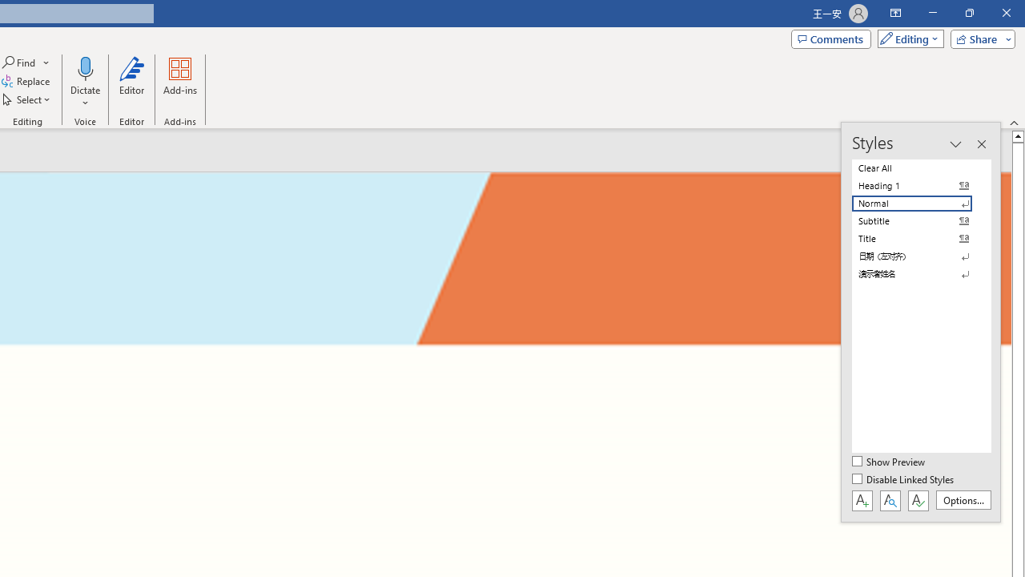  Describe the element at coordinates (921, 221) in the screenshot. I see `'Subtitle'` at that location.